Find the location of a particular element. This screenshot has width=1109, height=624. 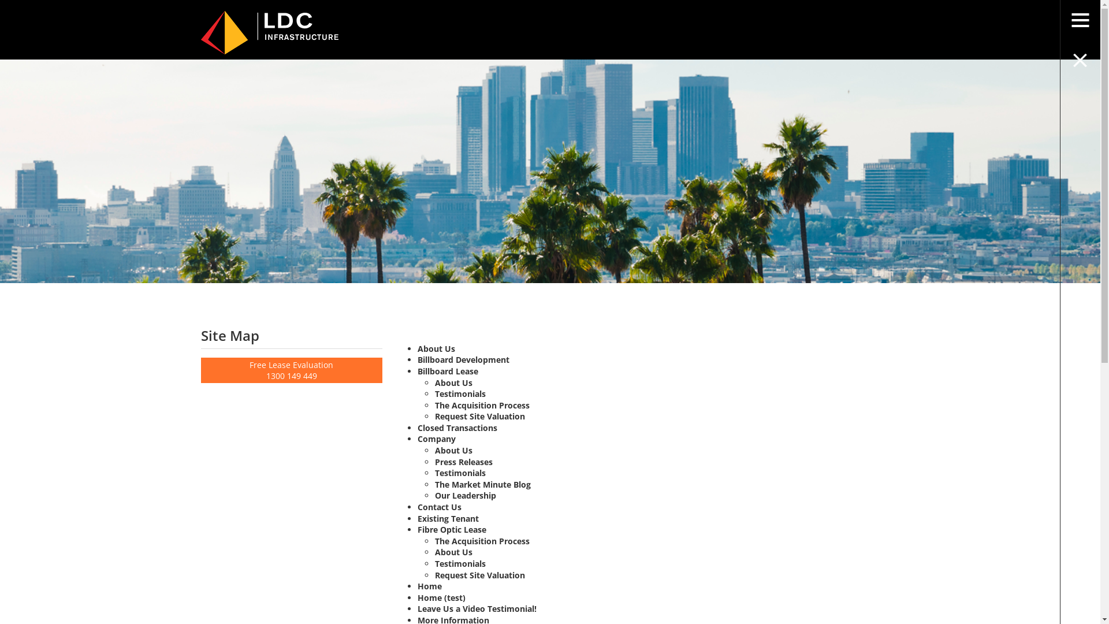

'Our Leadership' is located at coordinates (466, 495).